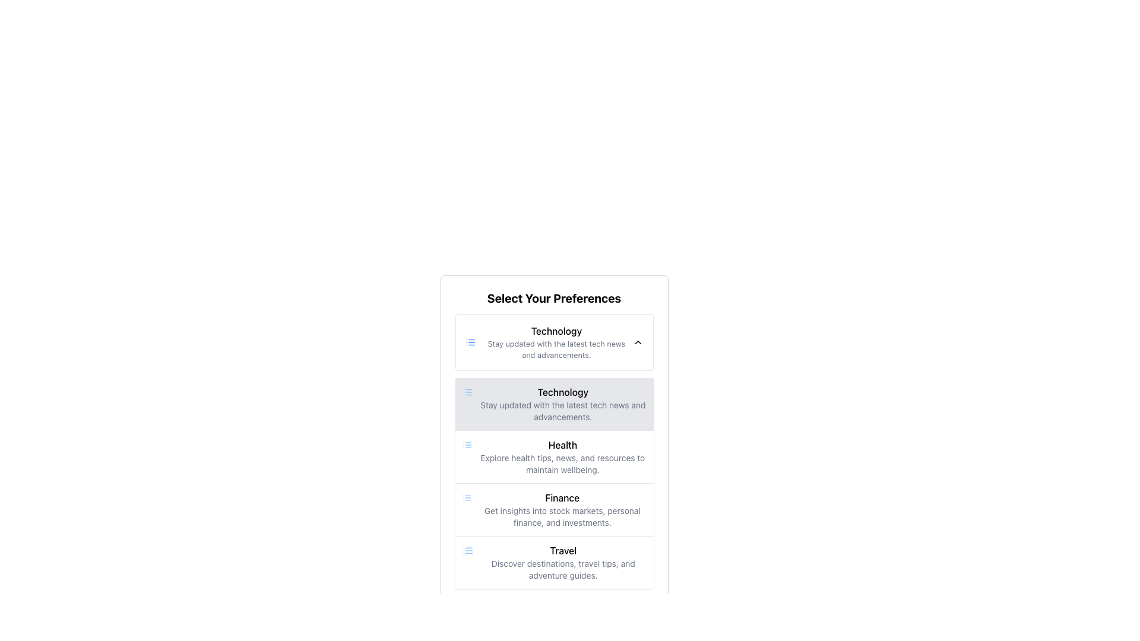 This screenshot has width=1140, height=641. I want to click on the health preference label, which serves as the title for the health preference option, located within a card-like section in the vertical preference selection layout, so click(562, 445).